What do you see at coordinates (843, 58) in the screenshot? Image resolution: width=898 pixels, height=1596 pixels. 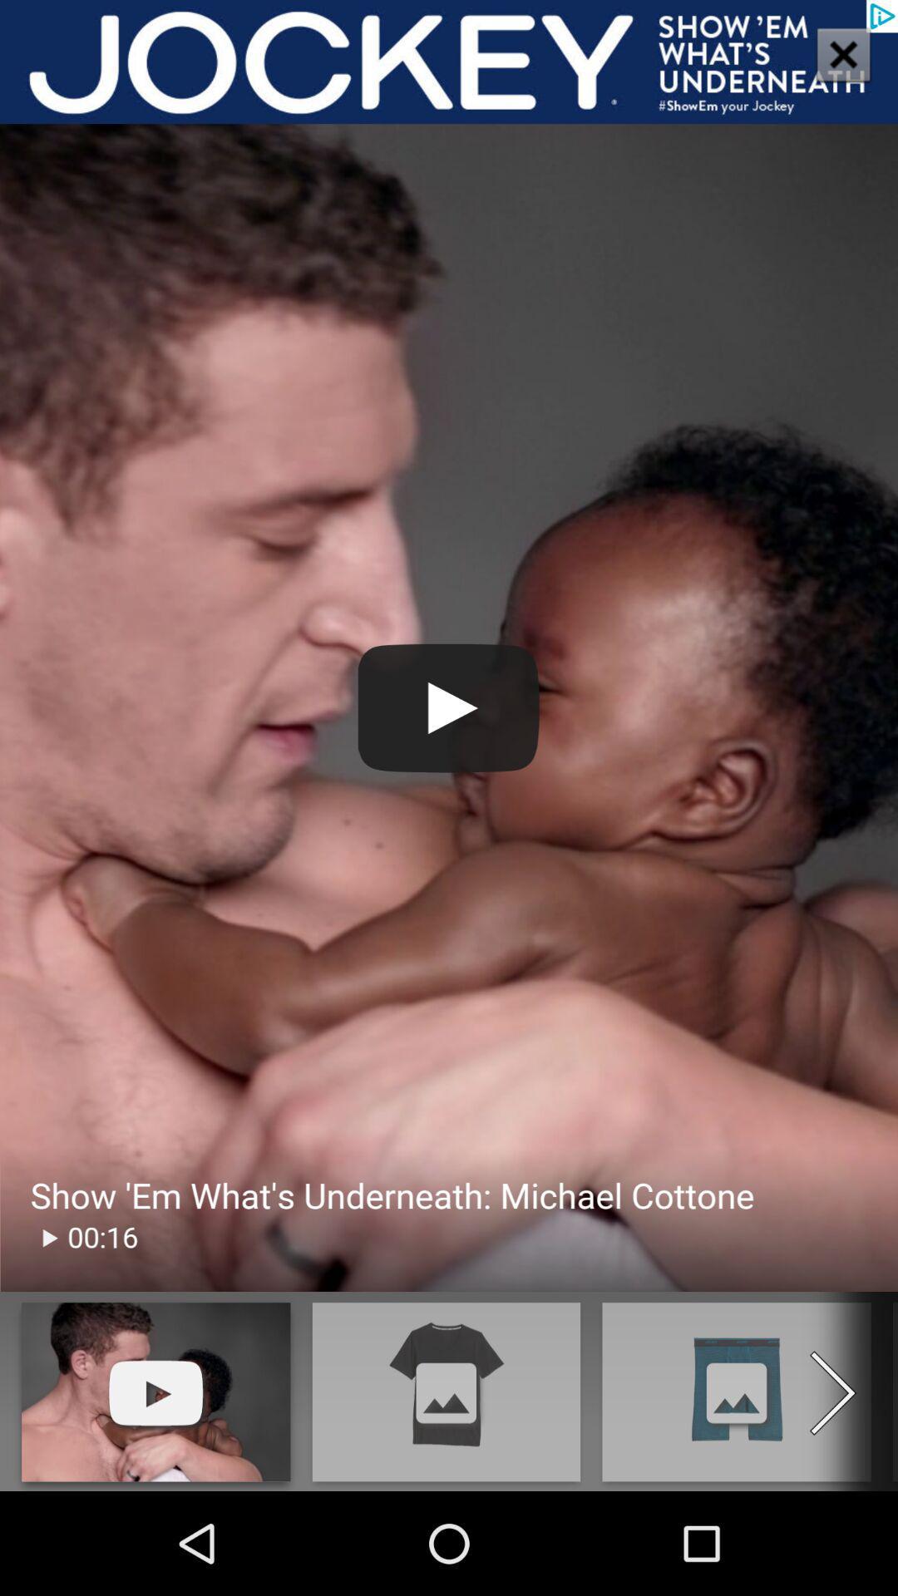 I see `the close icon` at bounding box center [843, 58].